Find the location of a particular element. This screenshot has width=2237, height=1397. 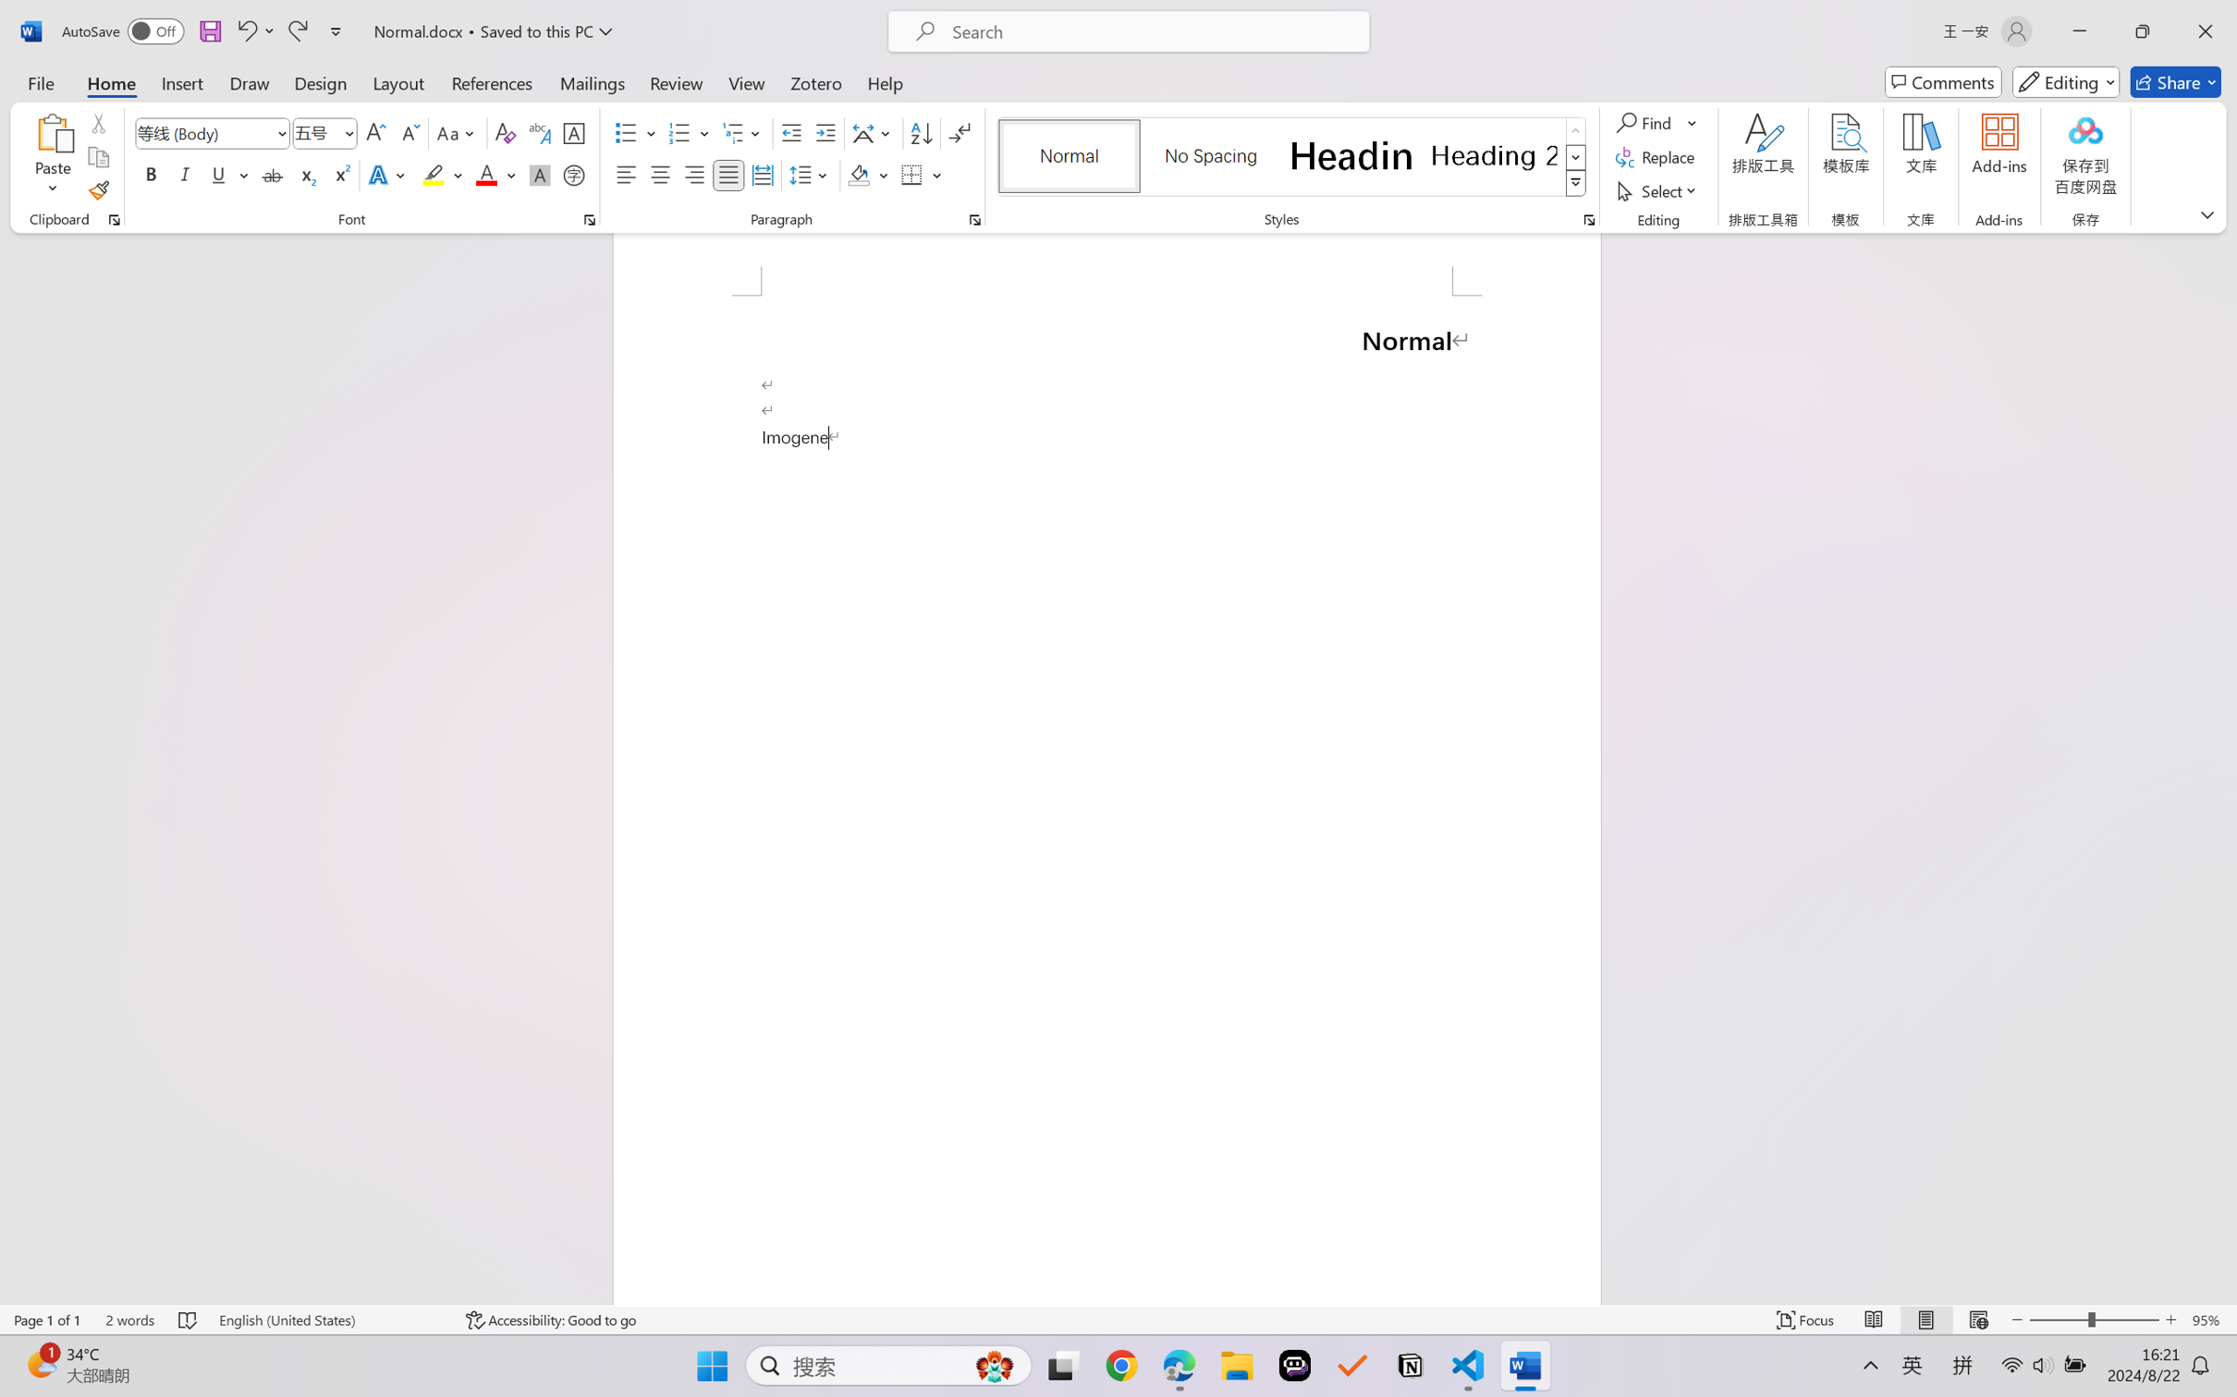

'Decrease Indent' is located at coordinates (791, 133).